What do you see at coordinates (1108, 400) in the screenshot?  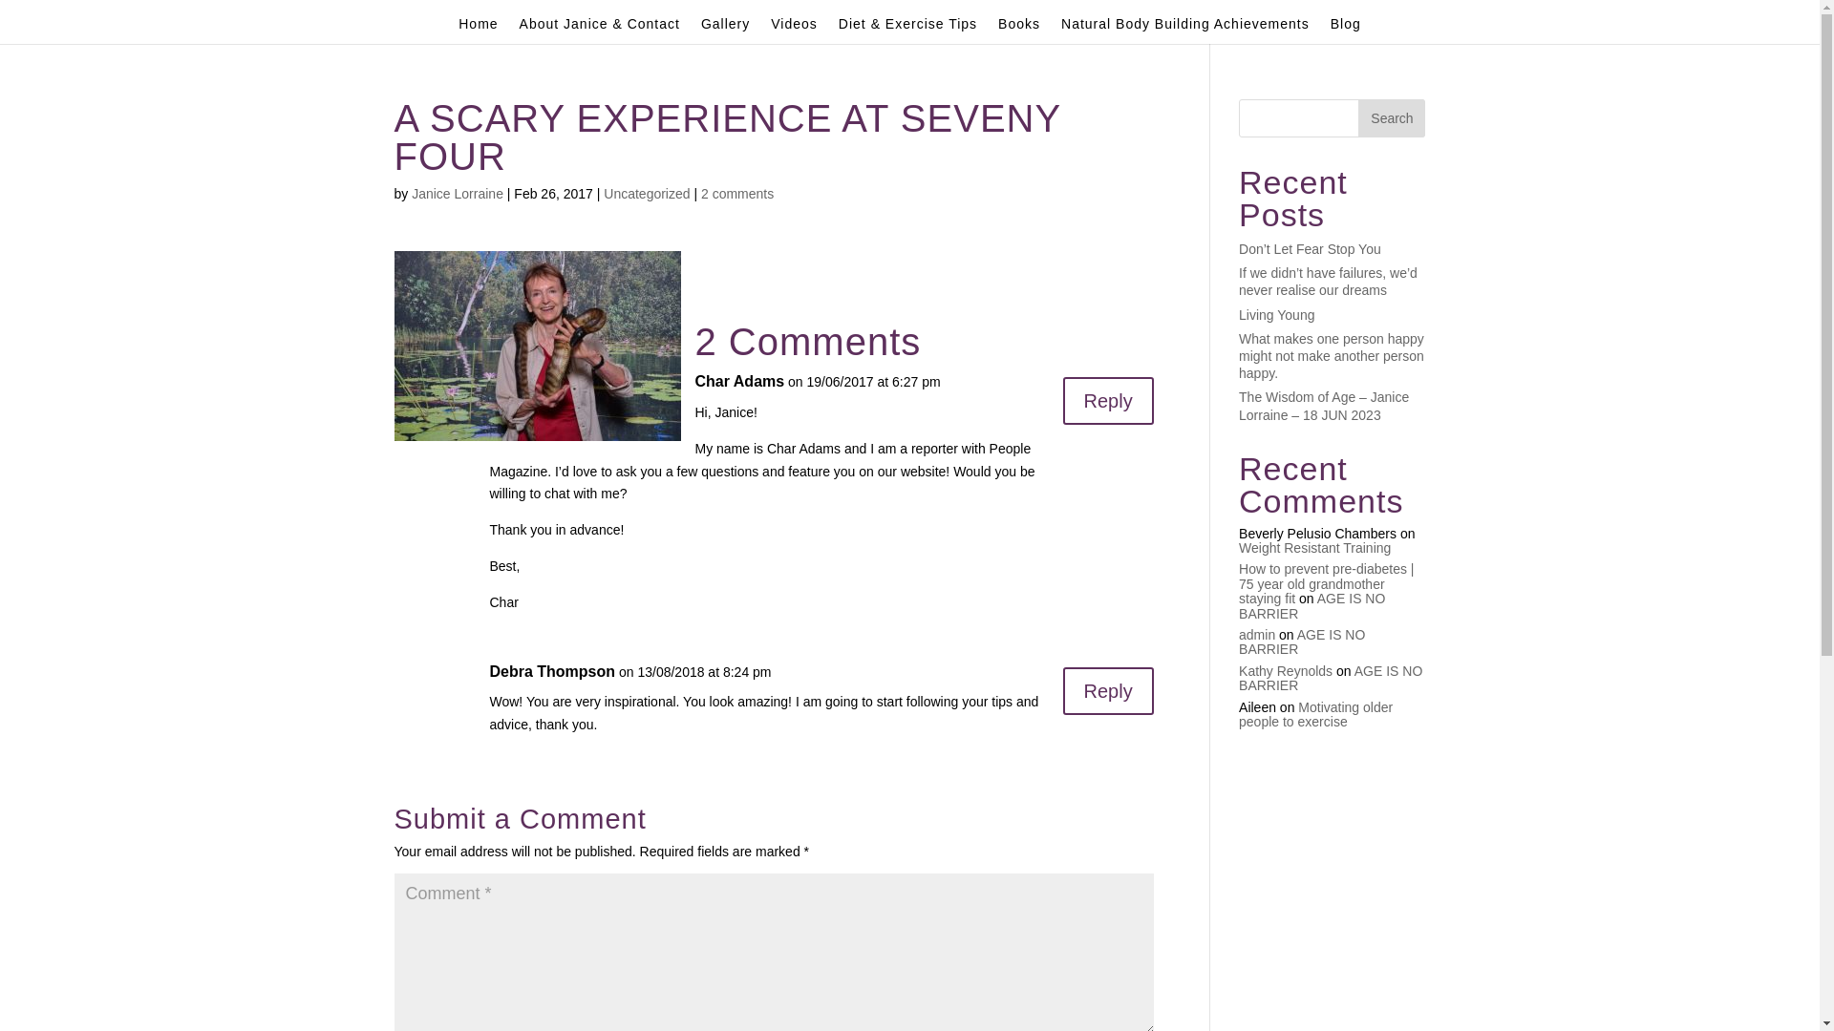 I see `'Reply'` at bounding box center [1108, 400].